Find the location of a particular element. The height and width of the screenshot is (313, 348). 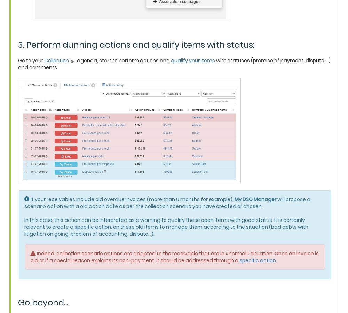

'open items' is located at coordinates (215, 219).